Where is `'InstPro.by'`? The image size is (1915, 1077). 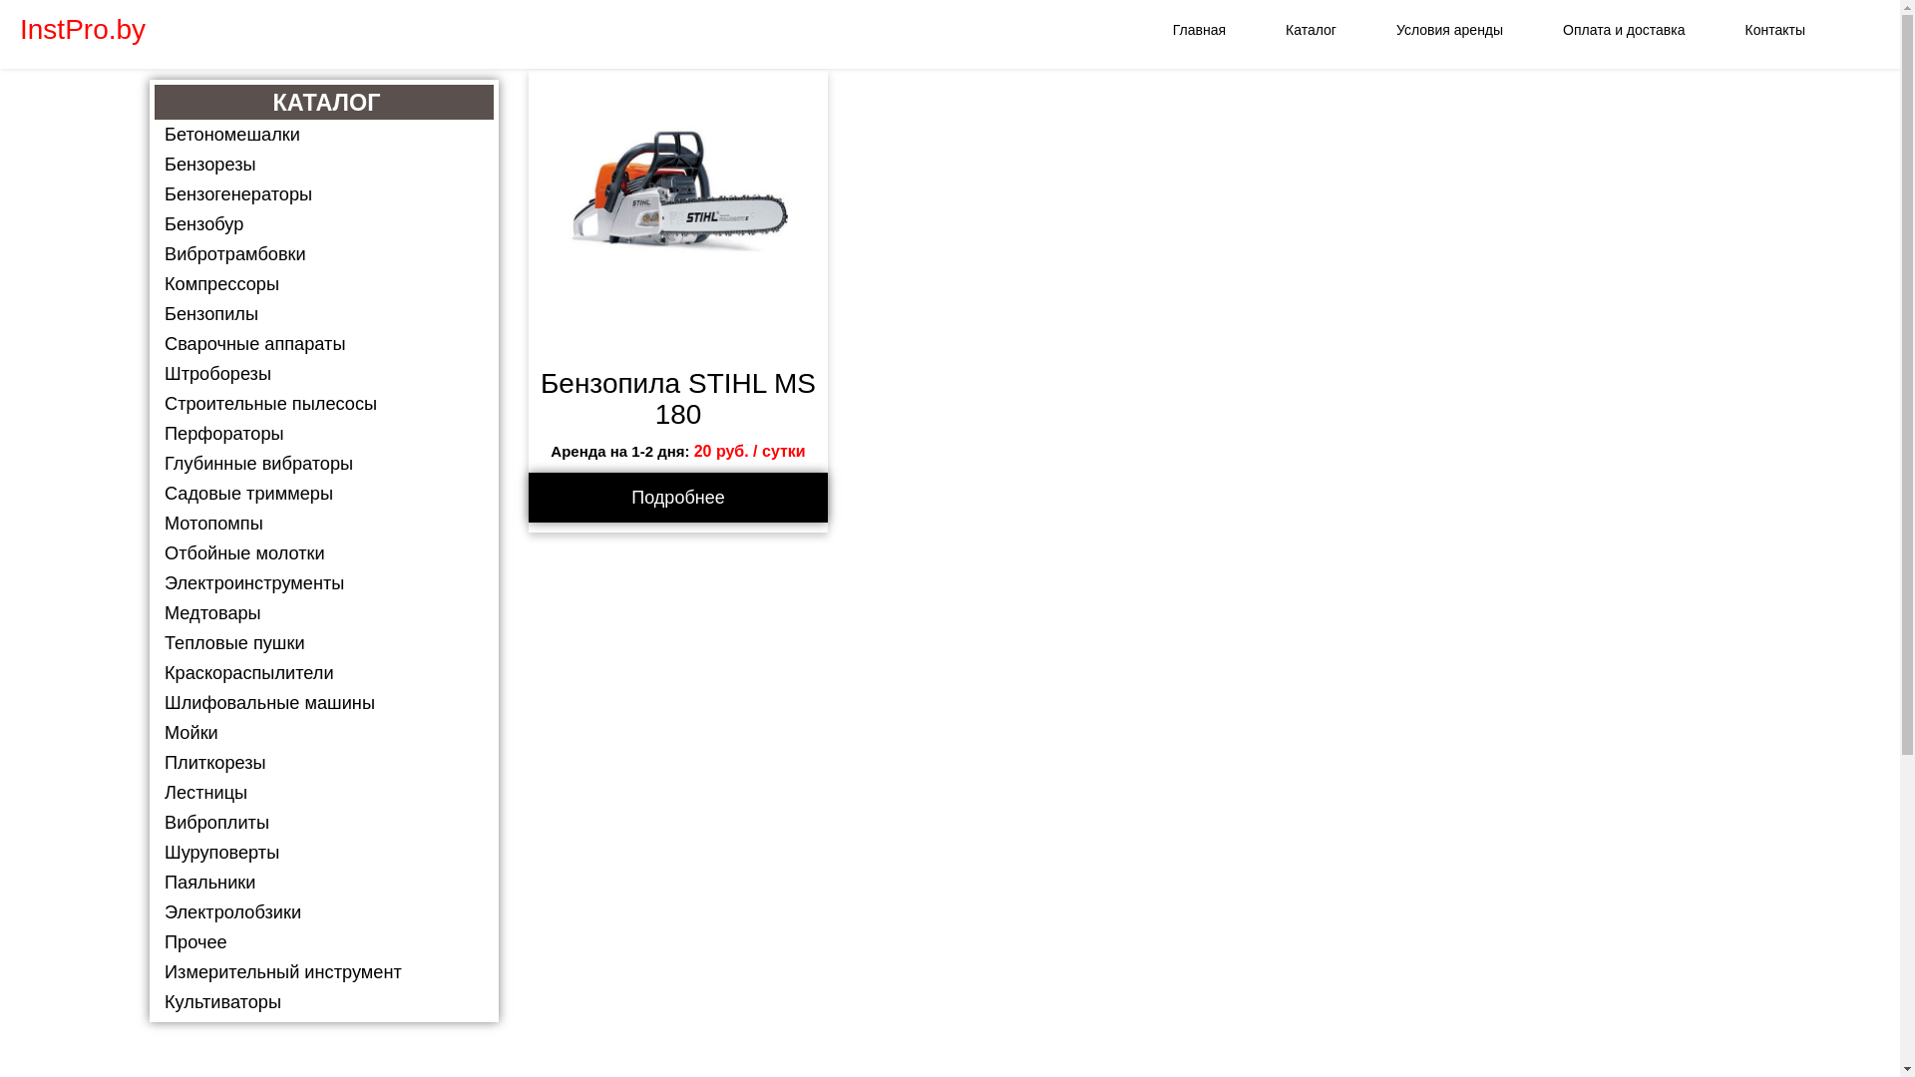
'InstPro.by' is located at coordinates (0, 30).